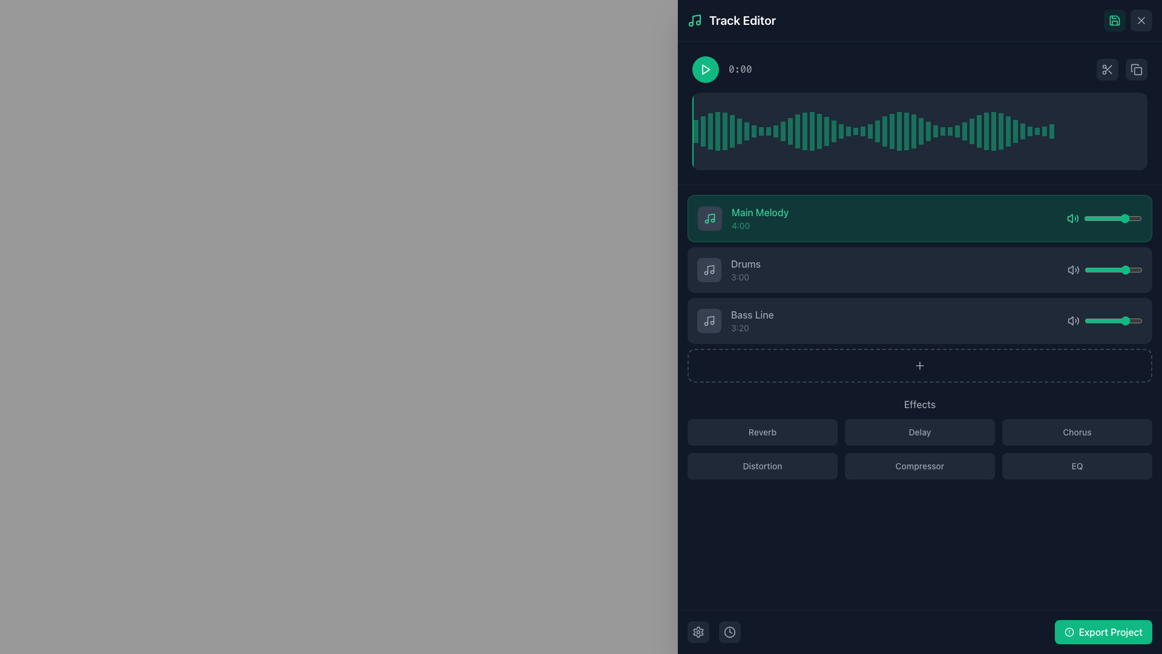 This screenshot has width=1162, height=654. What do you see at coordinates (1138, 320) in the screenshot?
I see `the slider value` at bounding box center [1138, 320].